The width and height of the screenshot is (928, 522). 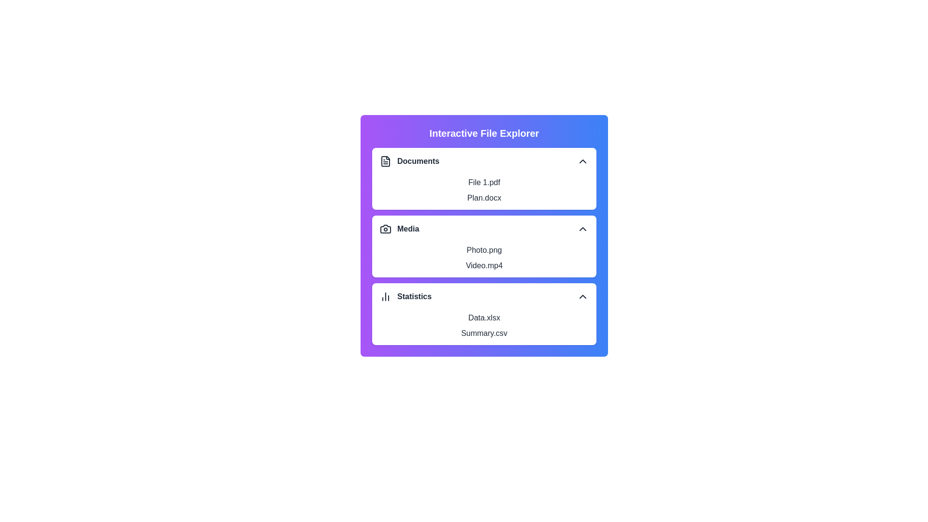 I want to click on the item Video.mp4 from the section Media, so click(x=484, y=266).